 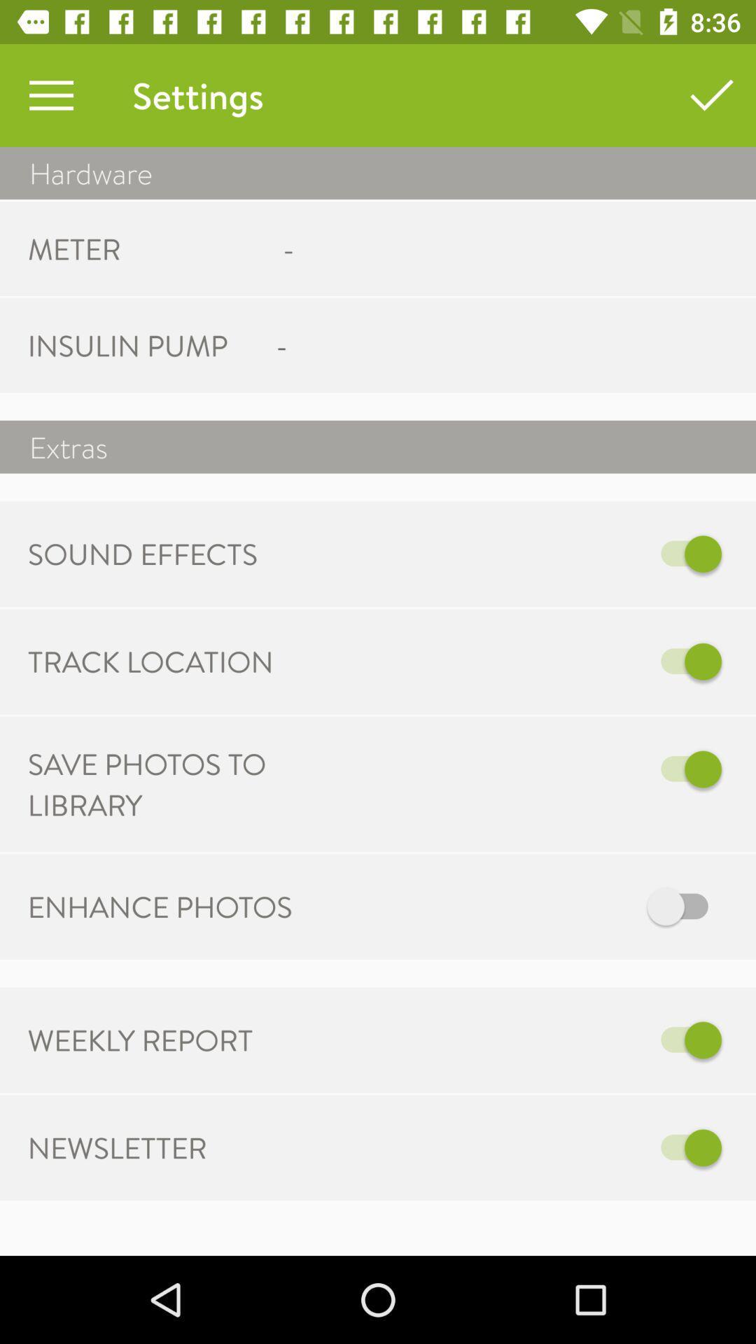 What do you see at coordinates (523, 906) in the screenshot?
I see `the icon to the right of enhance photos item` at bounding box center [523, 906].